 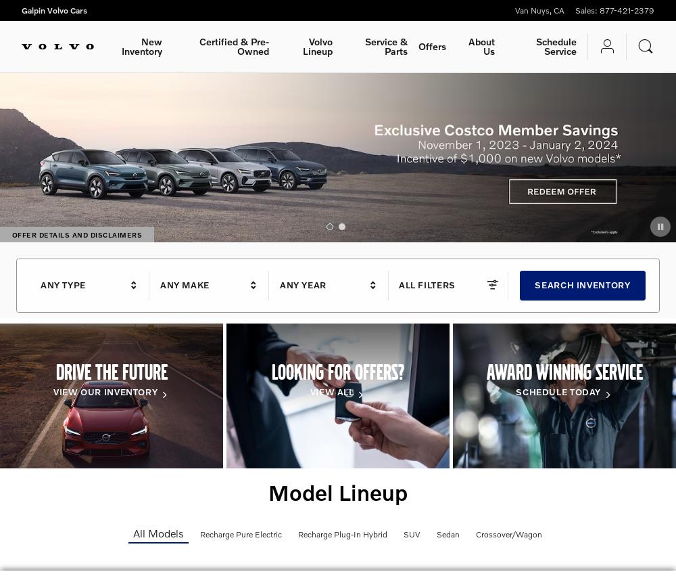 I want to click on 'View All', so click(x=331, y=390).